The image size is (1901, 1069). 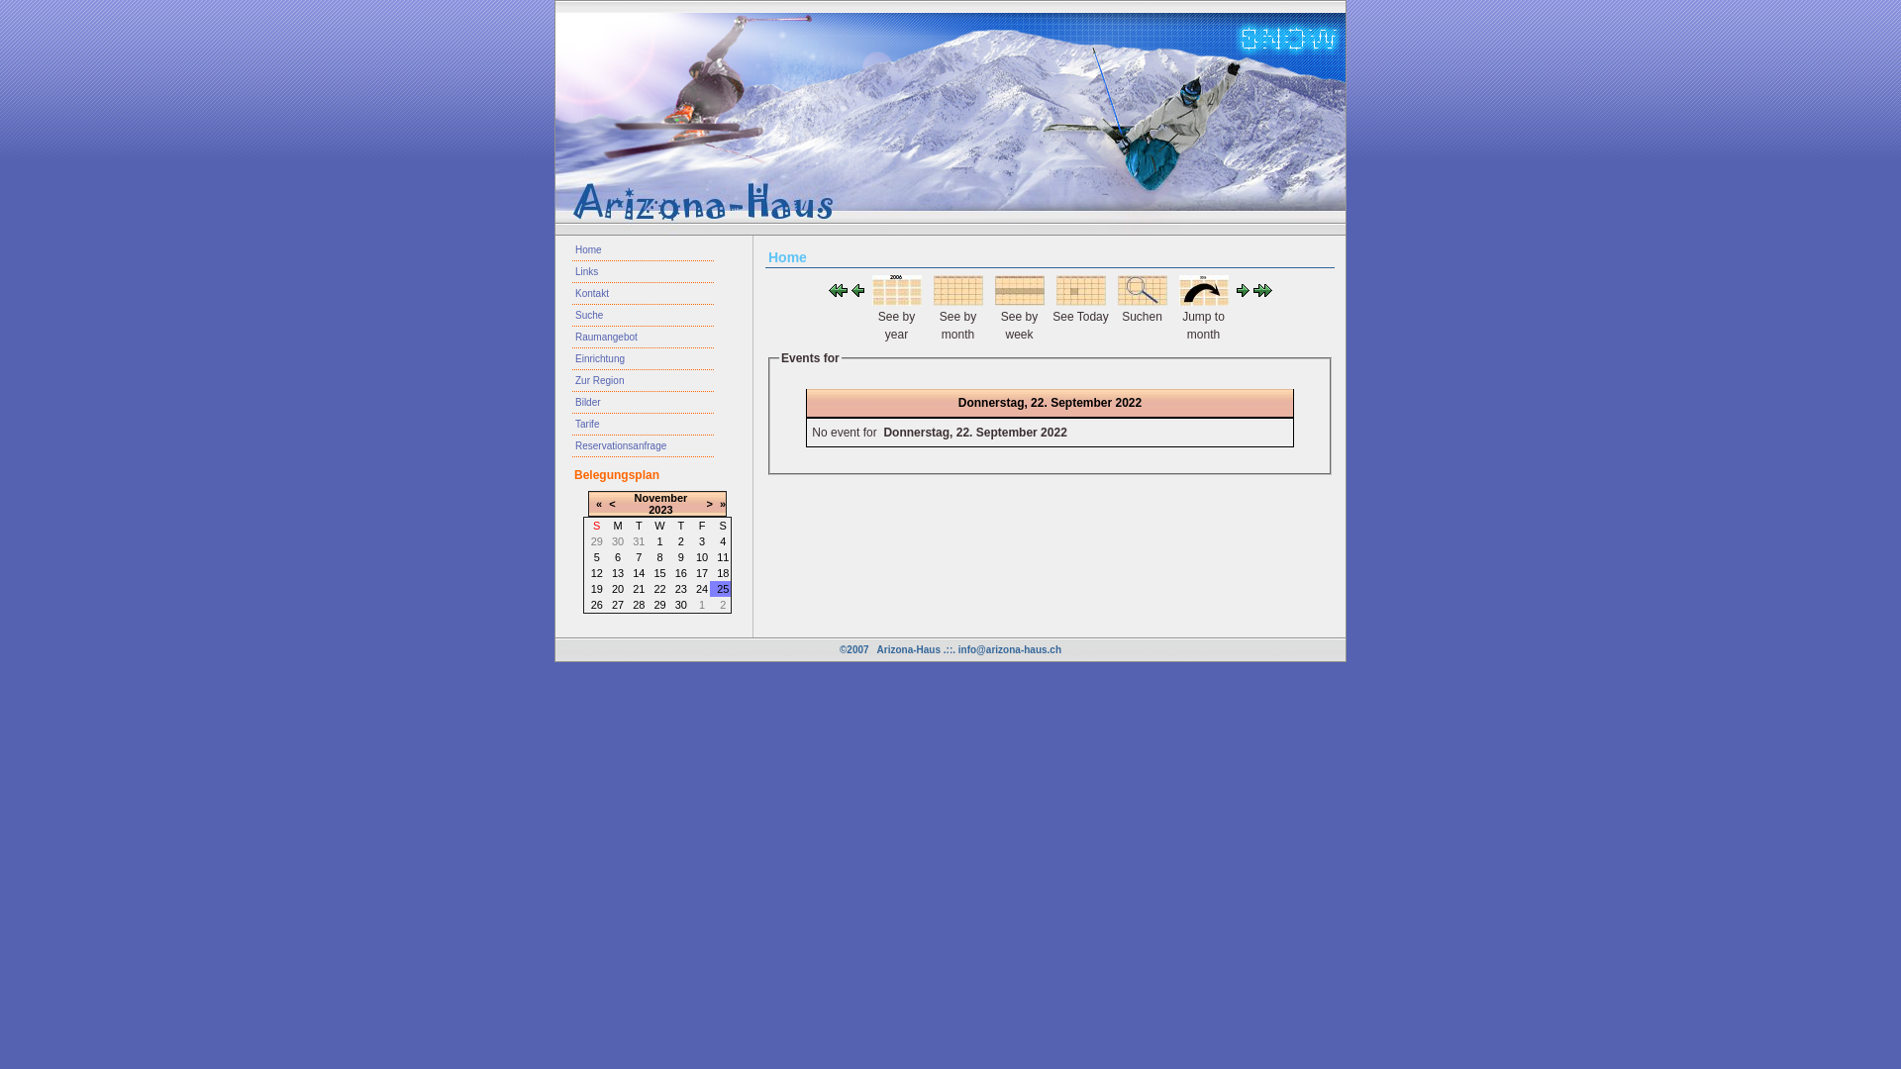 I want to click on 'Links', so click(x=643, y=271).